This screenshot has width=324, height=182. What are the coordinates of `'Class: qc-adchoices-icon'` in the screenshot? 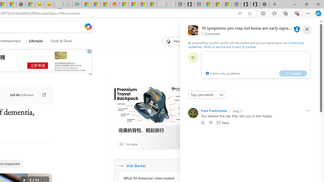 It's located at (90, 51).